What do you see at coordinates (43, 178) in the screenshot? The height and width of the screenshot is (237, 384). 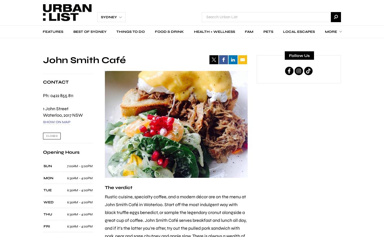 I see `'MON'` at bounding box center [43, 178].